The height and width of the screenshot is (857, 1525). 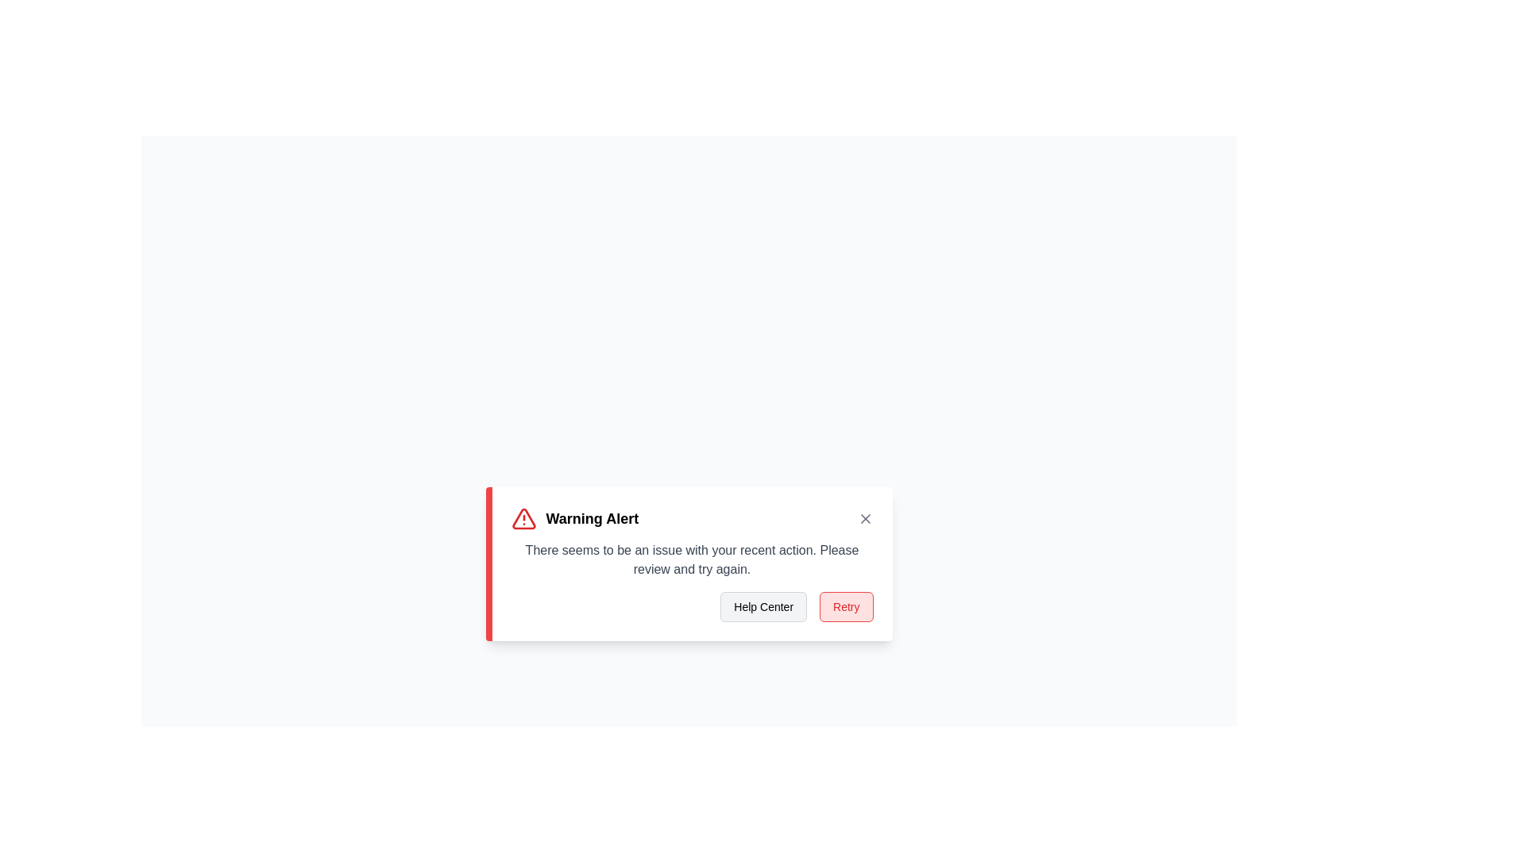 I want to click on the warning icon to display the tooltip, so click(x=523, y=519).